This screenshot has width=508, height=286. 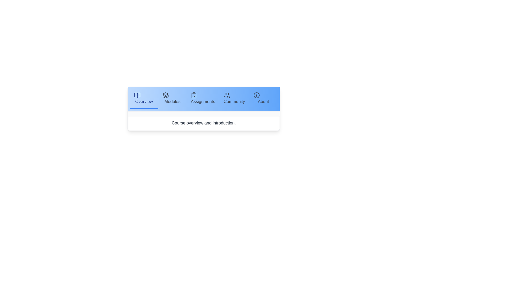 What do you see at coordinates (203, 102) in the screenshot?
I see `the 'Assignments' text label in the navigation bar` at bounding box center [203, 102].